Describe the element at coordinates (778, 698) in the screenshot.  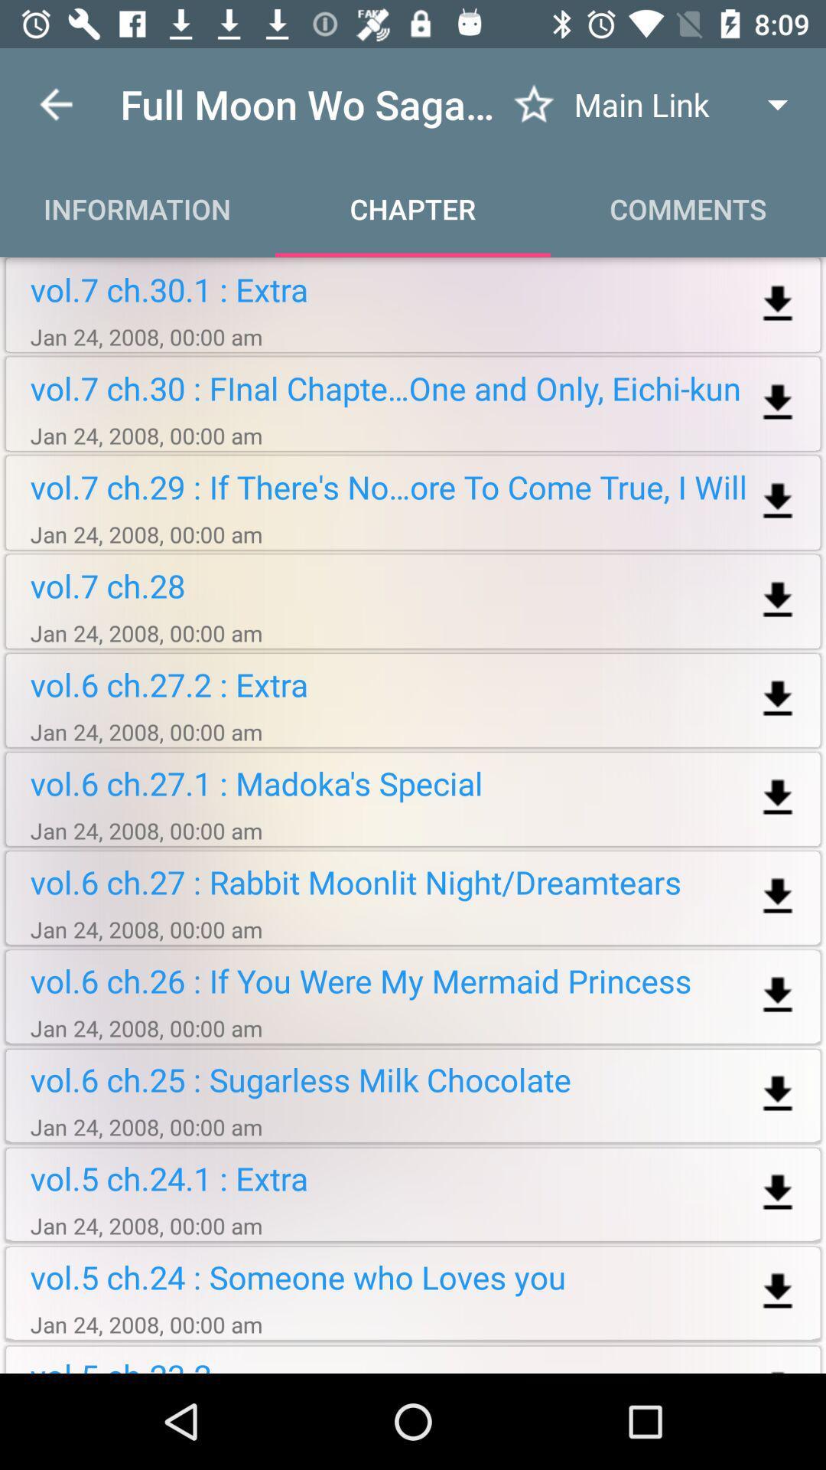
I see `file` at that location.